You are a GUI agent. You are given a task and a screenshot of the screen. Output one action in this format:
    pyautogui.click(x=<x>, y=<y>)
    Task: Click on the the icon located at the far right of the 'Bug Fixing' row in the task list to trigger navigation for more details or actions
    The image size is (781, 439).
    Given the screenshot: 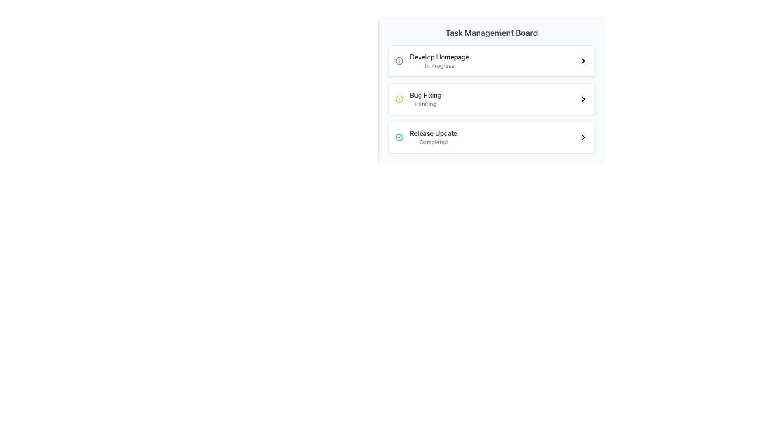 What is the action you would take?
    pyautogui.click(x=583, y=98)
    